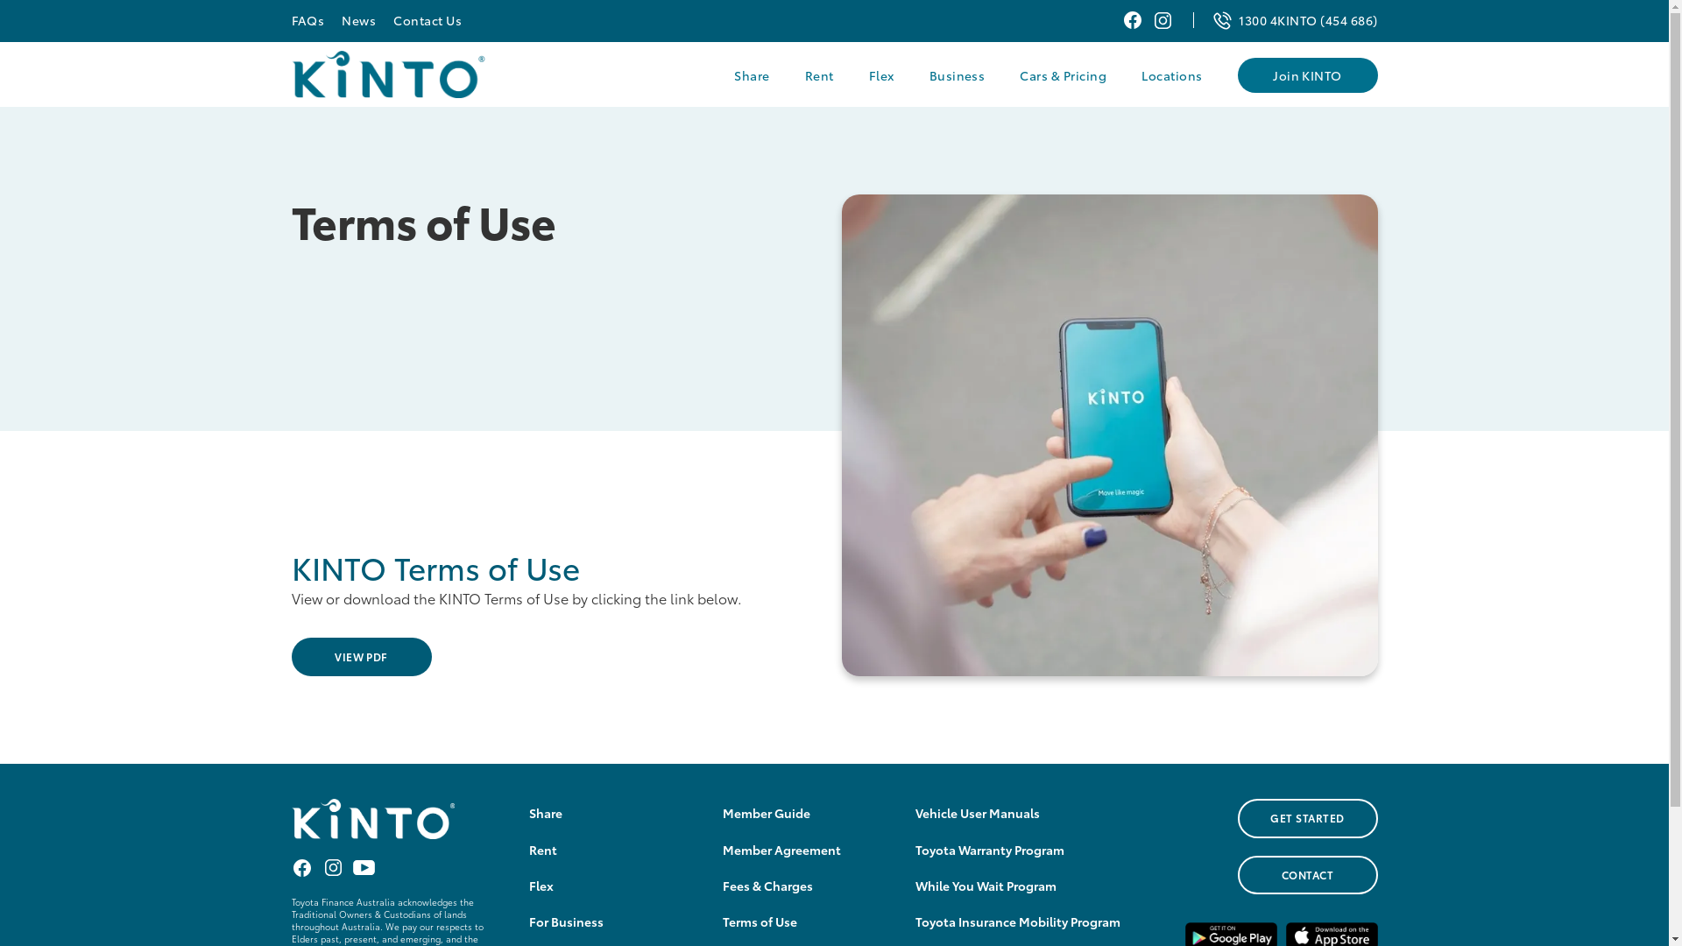  I want to click on '1300 4KINTO (454 686)', so click(1307, 20).